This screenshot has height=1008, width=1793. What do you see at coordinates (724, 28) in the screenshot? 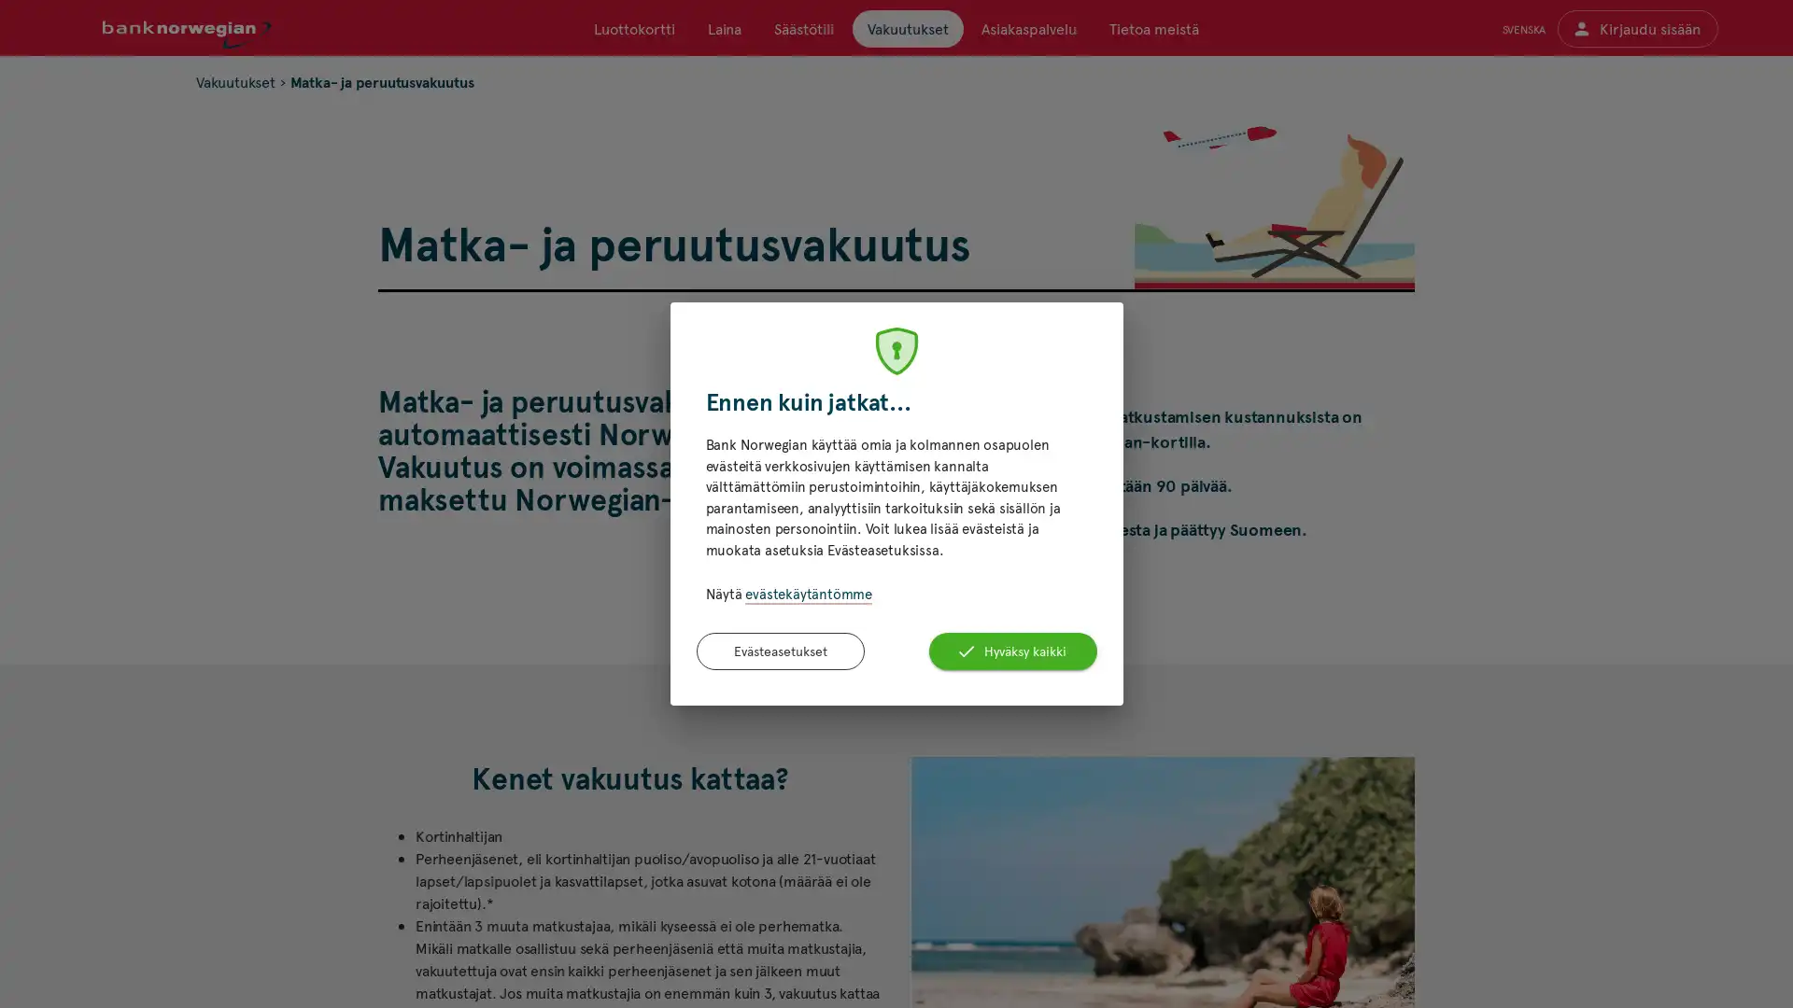
I see `Laina` at bounding box center [724, 28].